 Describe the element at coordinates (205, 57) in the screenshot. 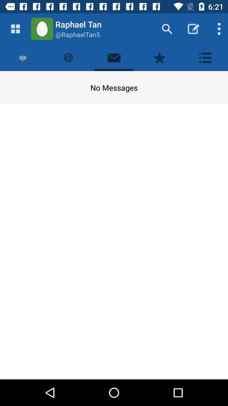

I see `options` at that location.